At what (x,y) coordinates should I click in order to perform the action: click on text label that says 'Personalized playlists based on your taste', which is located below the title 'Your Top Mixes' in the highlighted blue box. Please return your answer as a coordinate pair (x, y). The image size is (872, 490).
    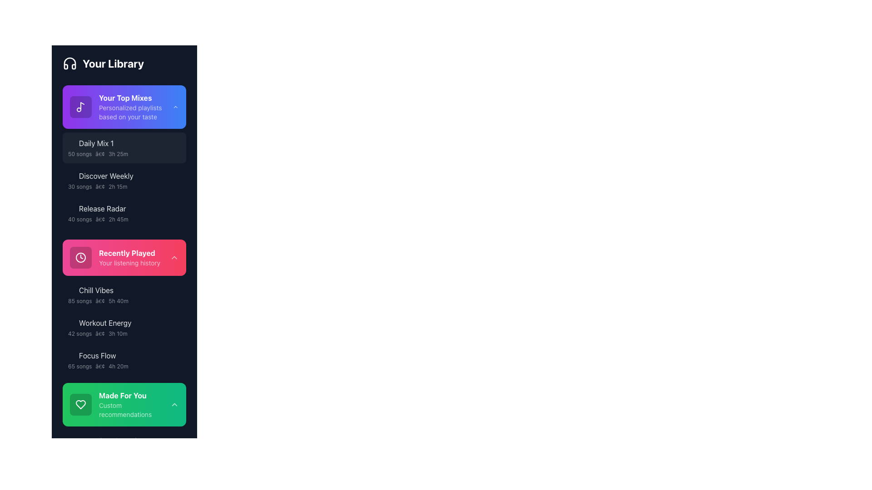
    Looking at the image, I should click on (135, 112).